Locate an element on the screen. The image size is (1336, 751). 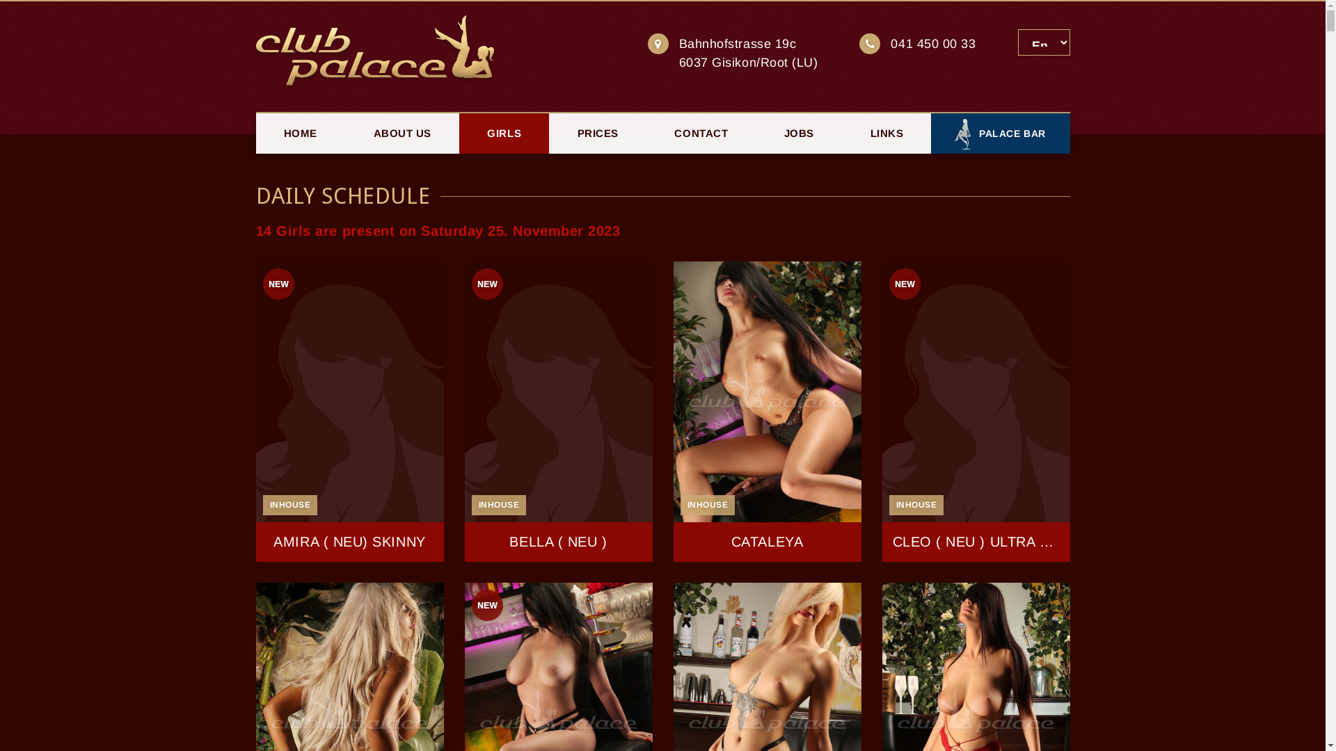
'JOBS' is located at coordinates (755, 133).